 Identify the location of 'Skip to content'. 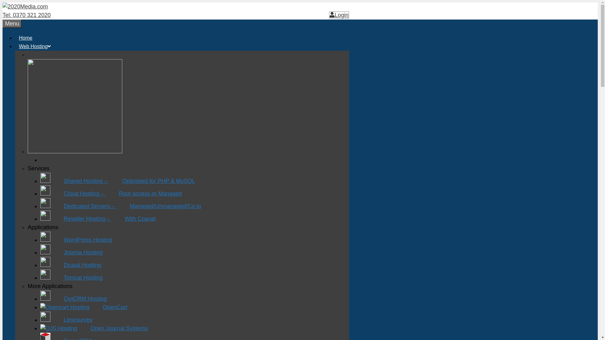
(2, 2).